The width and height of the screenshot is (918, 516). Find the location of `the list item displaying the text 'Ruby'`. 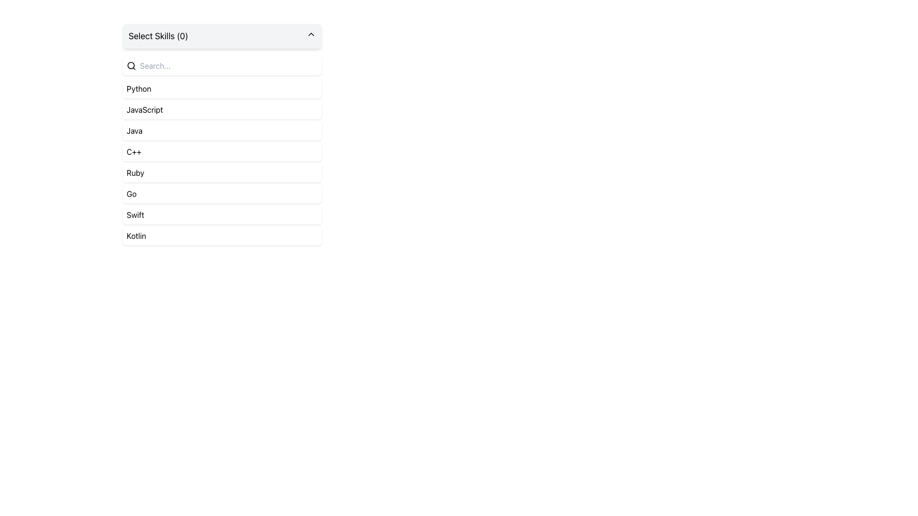

the list item displaying the text 'Ruby' is located at coordinates (135, 173).